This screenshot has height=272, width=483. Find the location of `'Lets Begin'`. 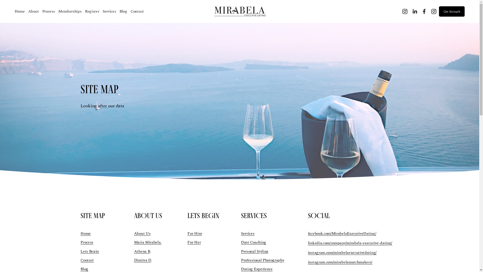

'Lets Begin' is located at coordinates (80, 251).